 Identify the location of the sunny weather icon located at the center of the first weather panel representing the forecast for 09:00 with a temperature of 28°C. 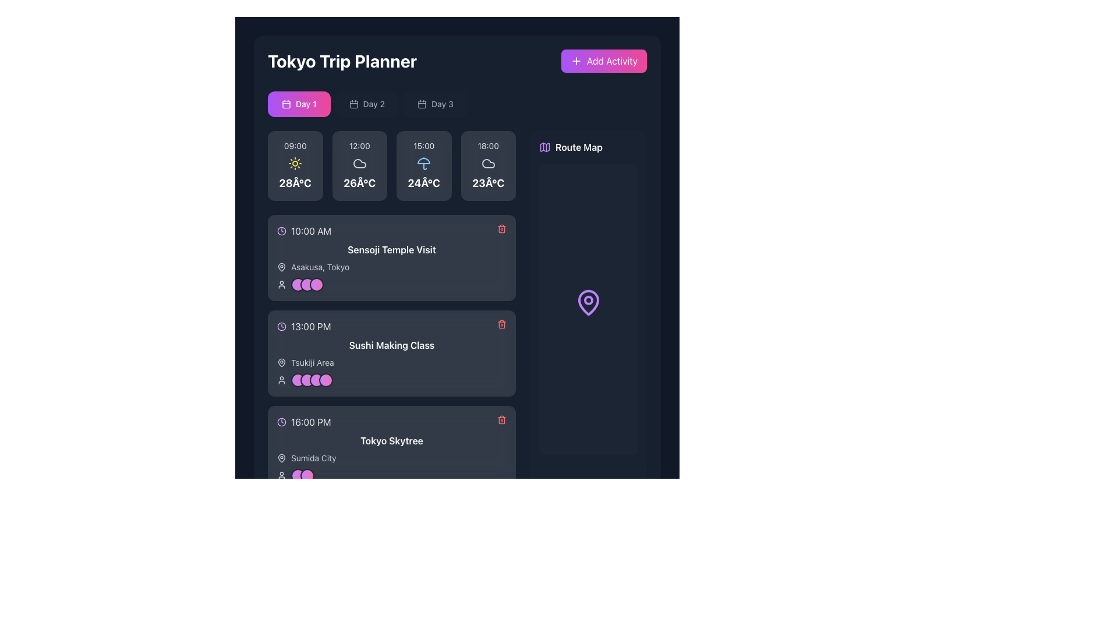
(295, 164).